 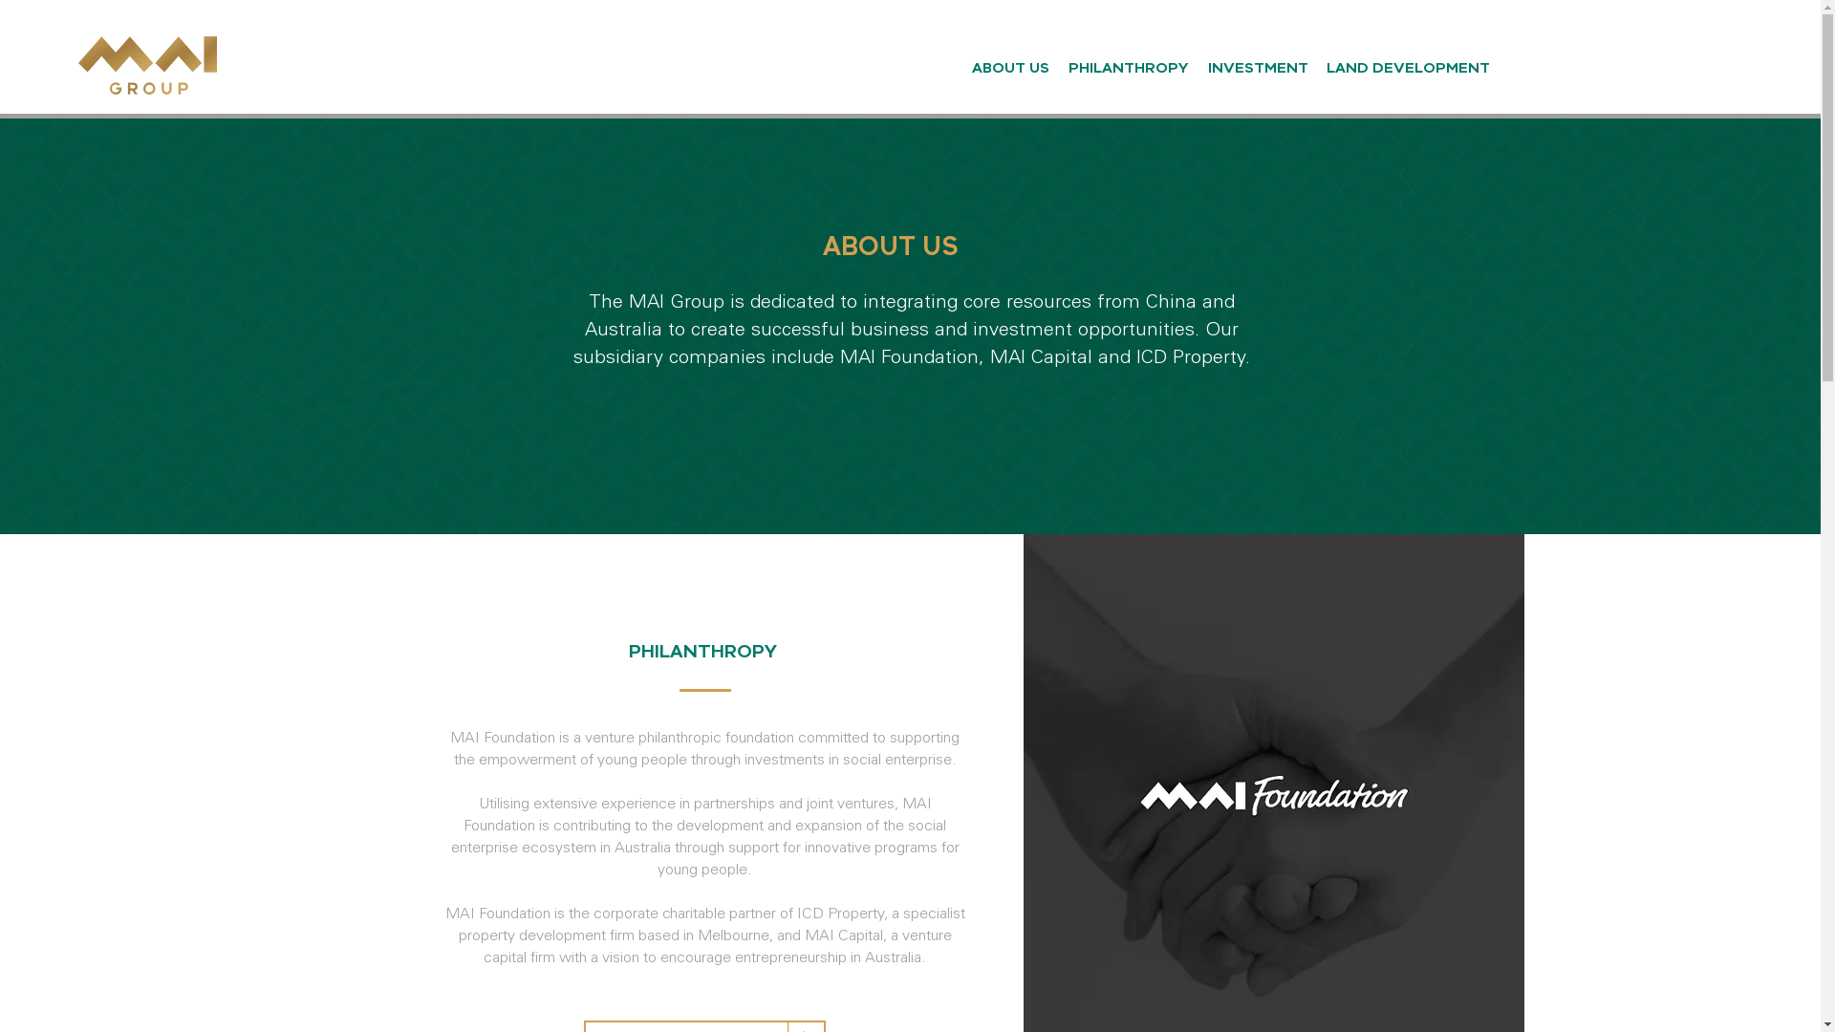 What do you see at coordinates (1008, 57) in the screenshot?
I see `'ABOUT US'` at bounding box center [1008, 57].